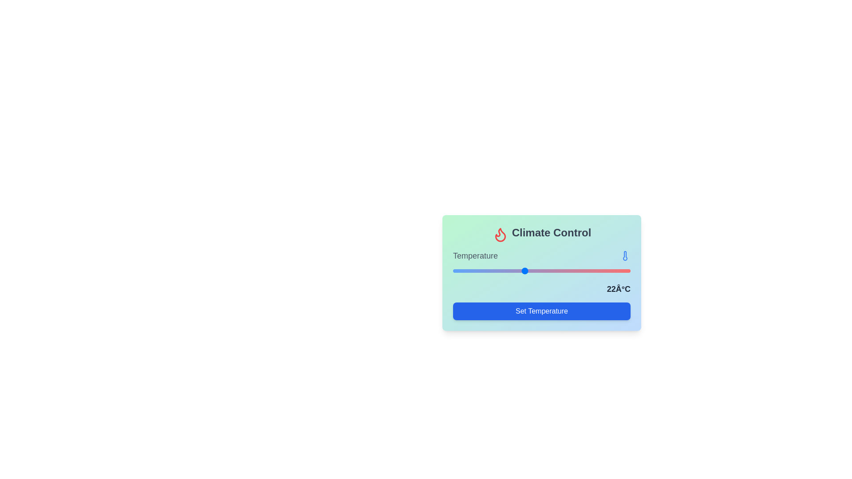 The height and width of the screenshot is (479, 852). Describe the element at coordinates (482, 270) in the screenshot. I see `the temperature slider to set the temperature to 15 degrees Celsius` at that location.